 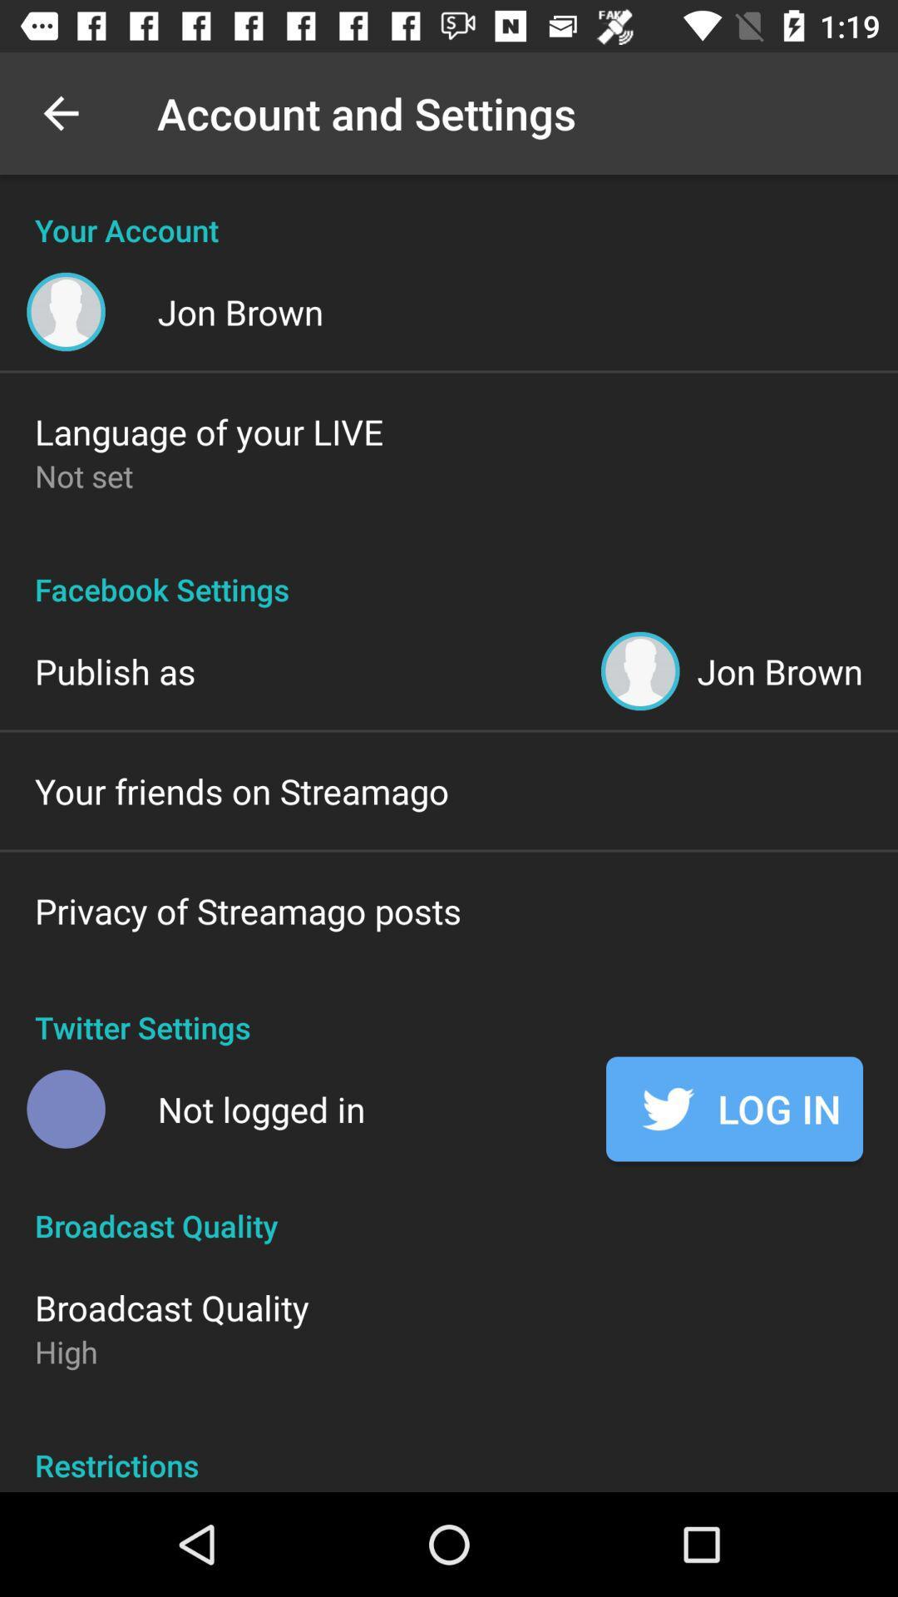 What do you see at coordinates (114, 670) in the screenshot?
I see `the item to the left of the jon brown item` at bounding box center [114, 670].